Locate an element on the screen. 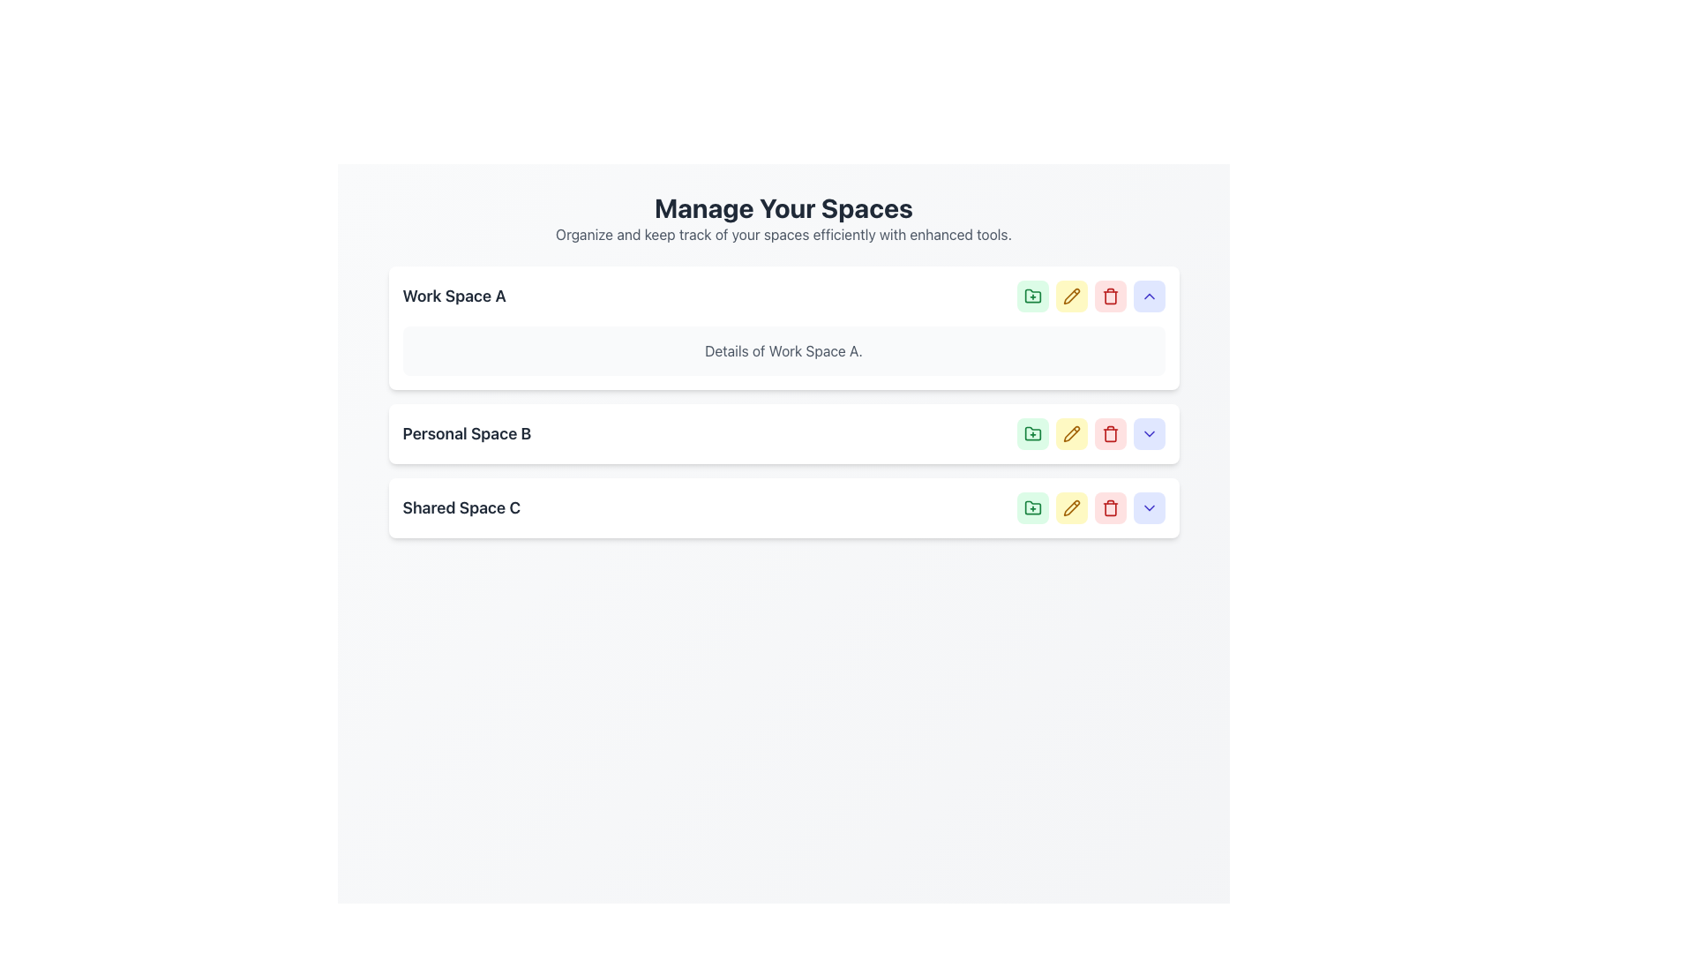 Image resolution: width=1694 pixels, height=953 pixels. the fourth button in a horizontal row that deletes the associated 'Shared Space C' is located at coordinates (1109, 507).